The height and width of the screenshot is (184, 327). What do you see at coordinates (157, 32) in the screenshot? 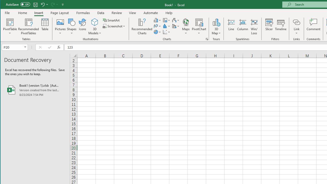
I see `'Insert Pie or Doughnut Chart'` at bounding box center [157, 32].